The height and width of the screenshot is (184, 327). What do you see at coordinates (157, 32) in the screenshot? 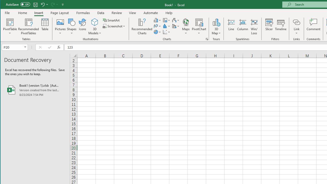
I see `'Insert Pie or Doughnut Chart'` at bounding box center [157, 32].